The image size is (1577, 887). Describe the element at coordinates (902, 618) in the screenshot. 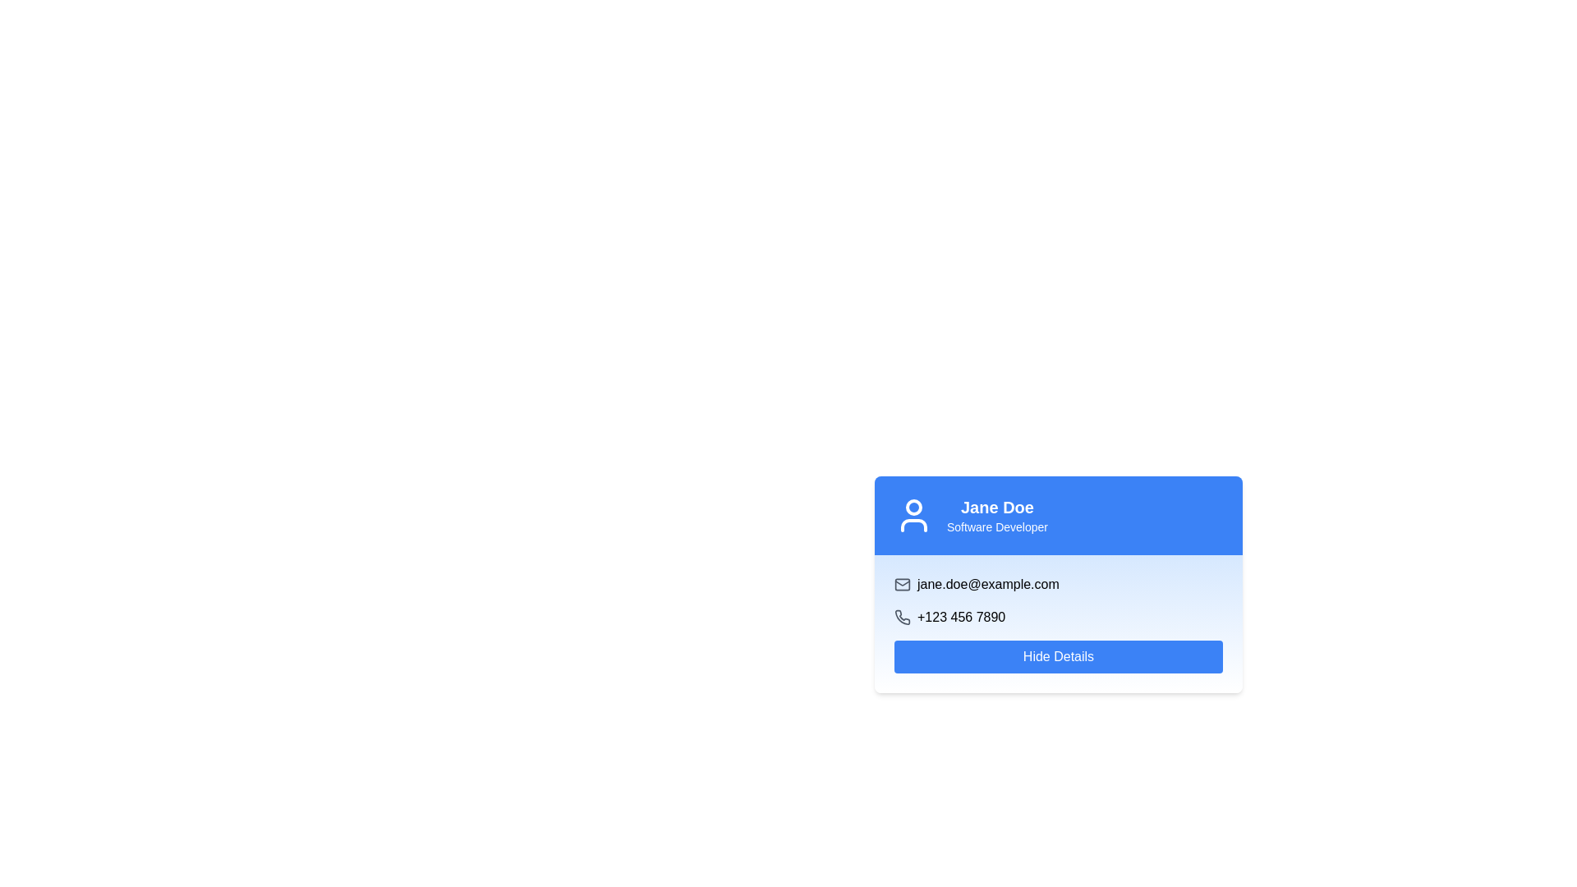

I see `the phone number icon located in the second row of the contact card, which serves as a label for the adjacent phone number '+123 456 7890'` at that location.